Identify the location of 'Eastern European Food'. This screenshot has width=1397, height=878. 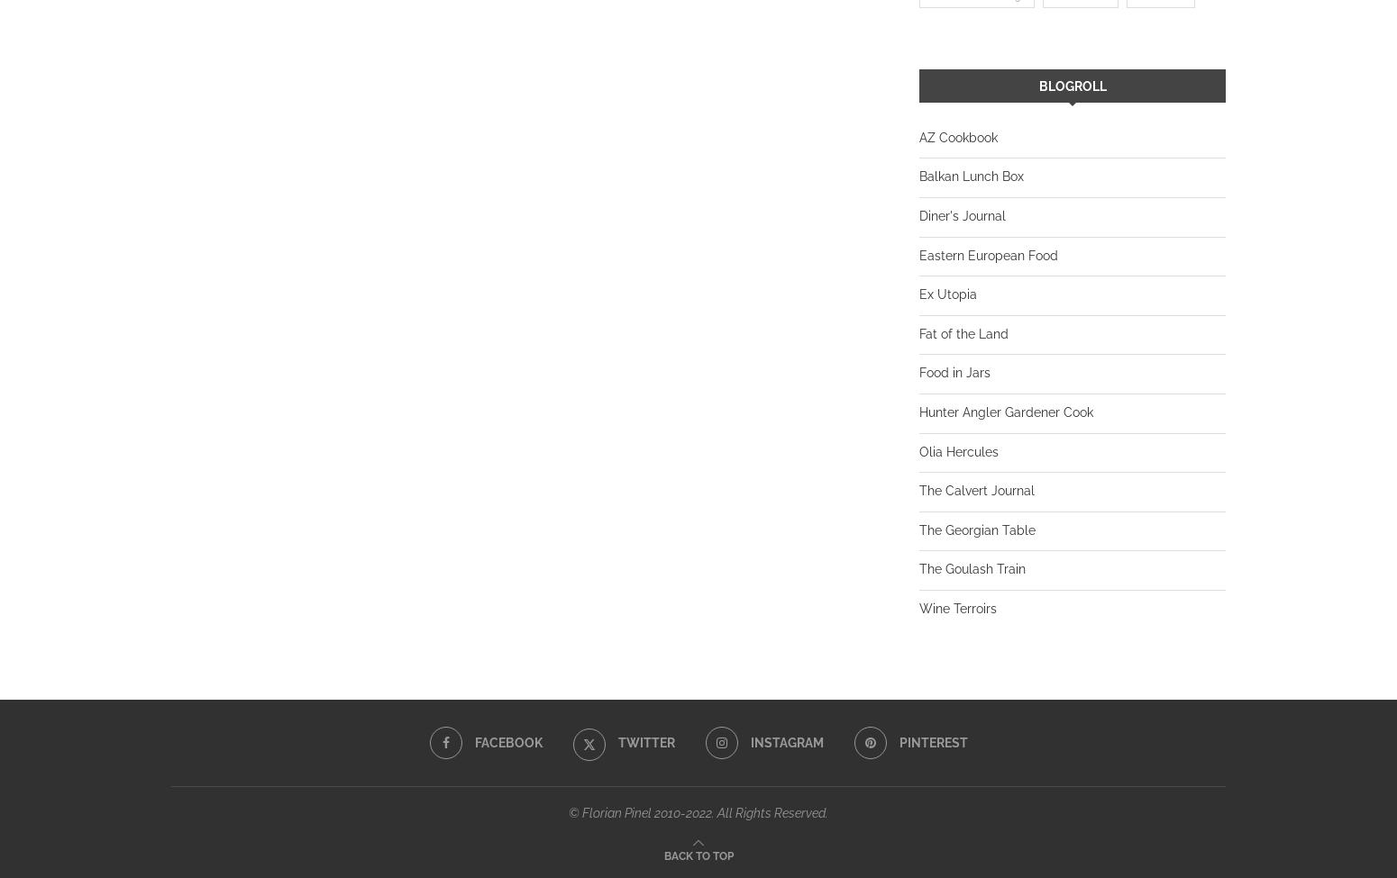
(919, 255).